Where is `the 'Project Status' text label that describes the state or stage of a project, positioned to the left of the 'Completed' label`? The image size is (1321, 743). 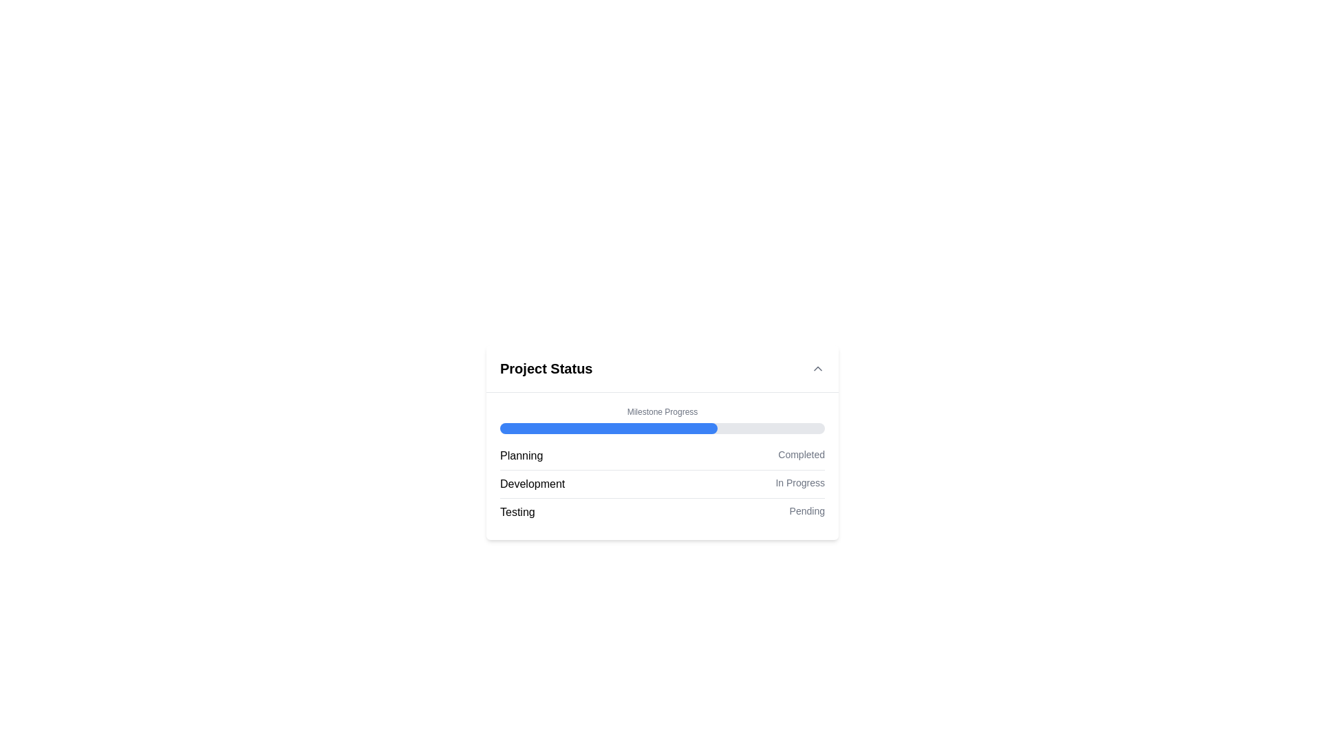
the 'Project Status' text label that describes the state or stage of a project, positioned to the left of the 'Completed' label is located at coordinates (521, 456).